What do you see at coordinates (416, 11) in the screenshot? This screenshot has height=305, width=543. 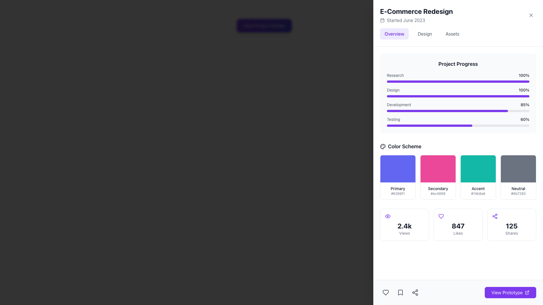 I see `bold and large text heading that says 'E-Commerce Redesign', located at the top section of the right pane` at bounding box center [416, 11].